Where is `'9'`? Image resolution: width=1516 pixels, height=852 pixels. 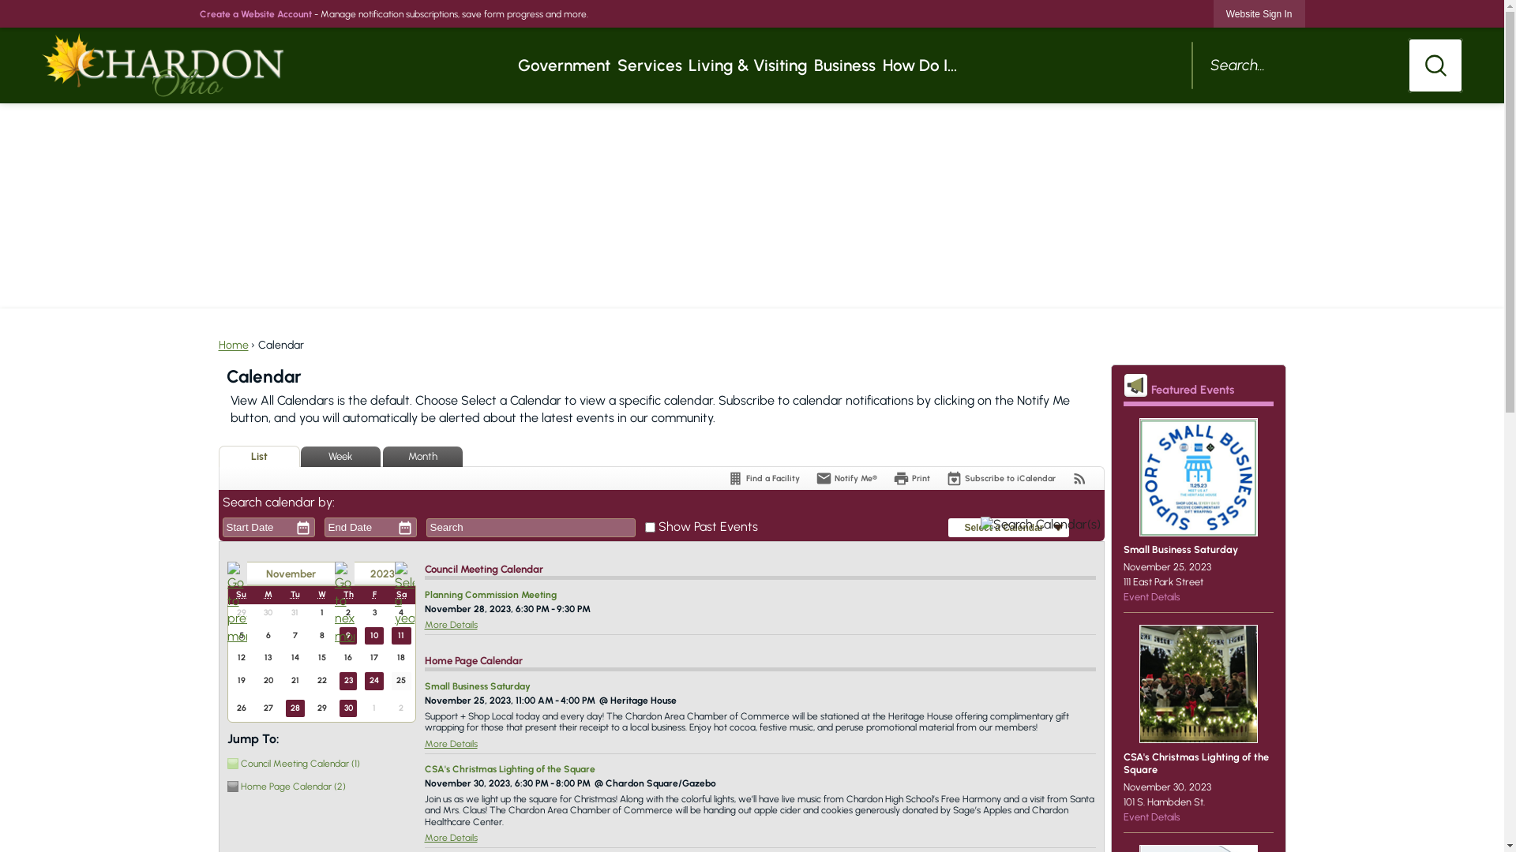
'9' is located at coordinates (347, 635).